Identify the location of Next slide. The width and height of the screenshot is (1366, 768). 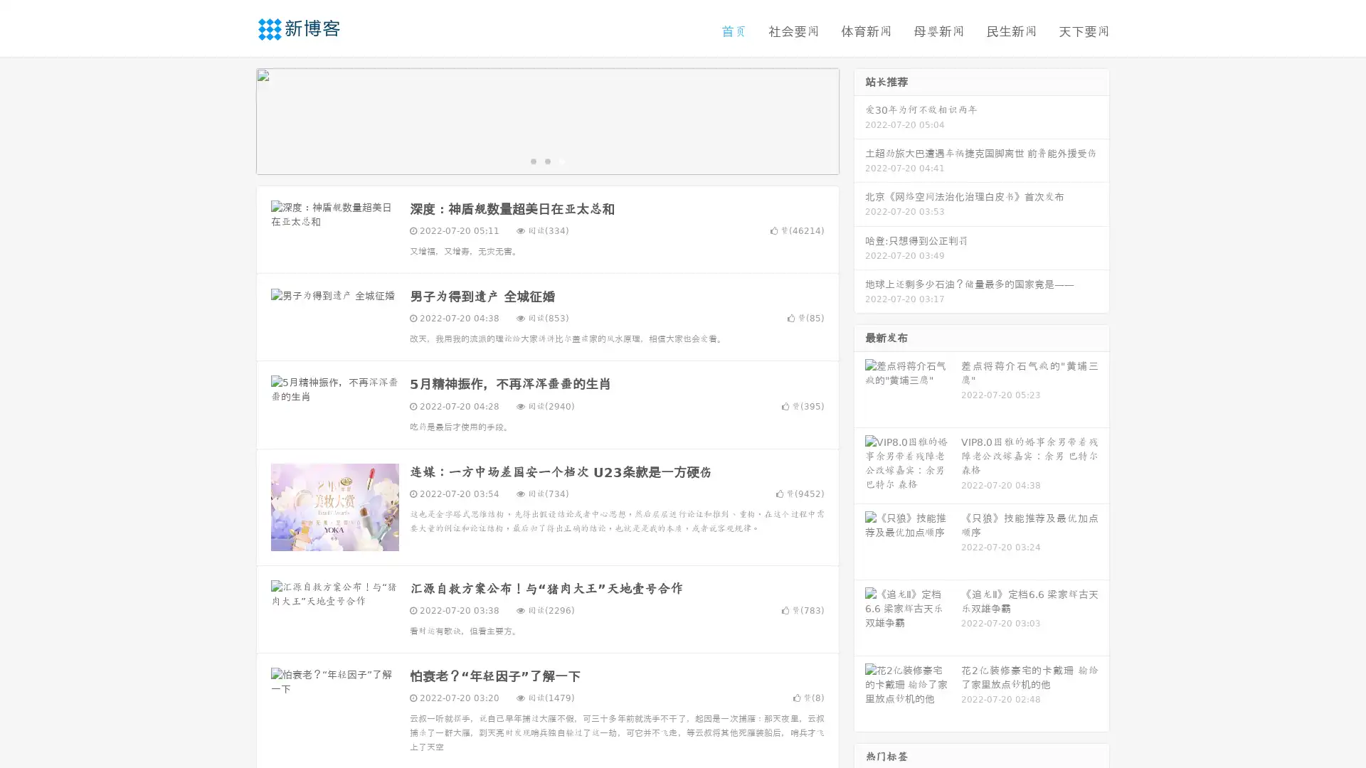
(859, 119).